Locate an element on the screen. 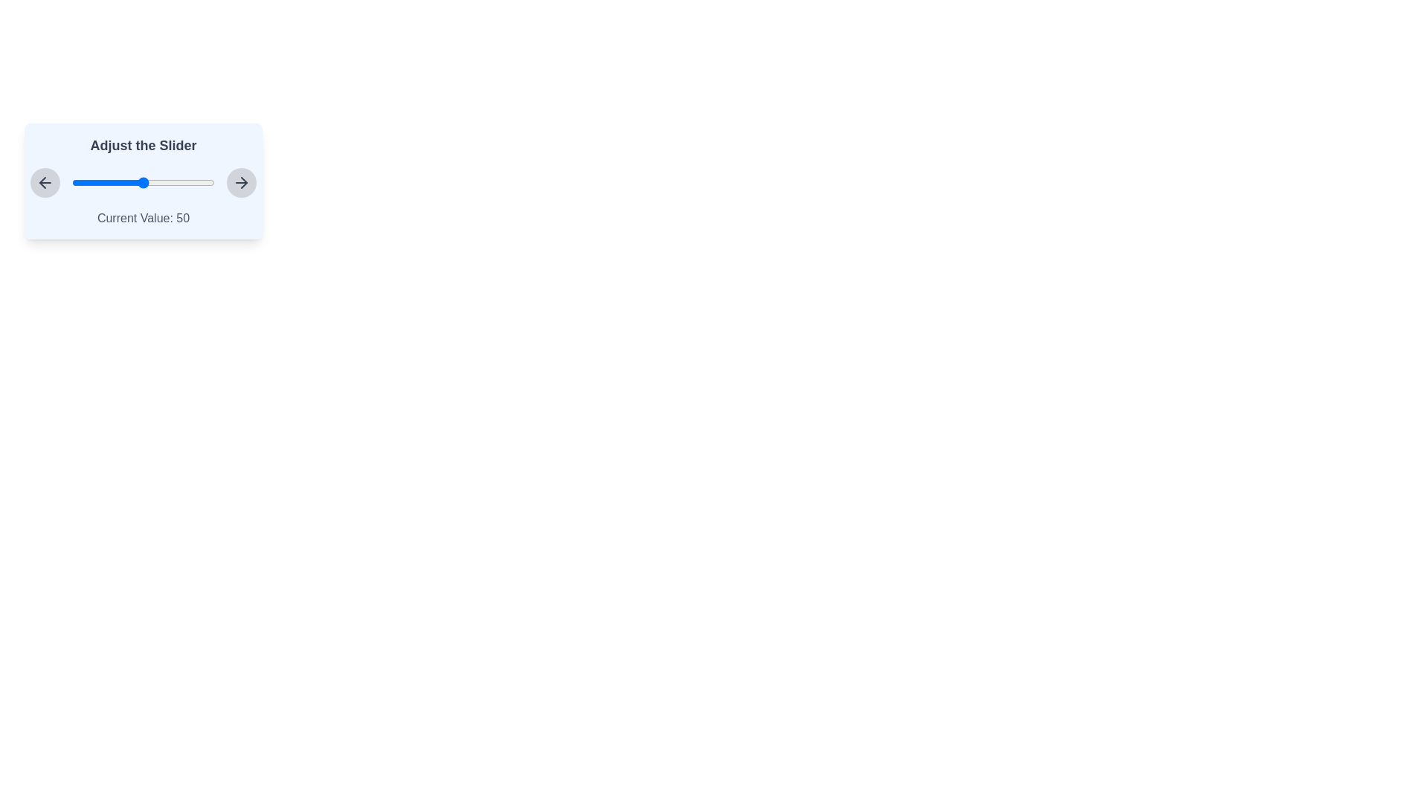 The width and height of the screenshot is (1428, 803). slider value is located at coordinates (173, 182).